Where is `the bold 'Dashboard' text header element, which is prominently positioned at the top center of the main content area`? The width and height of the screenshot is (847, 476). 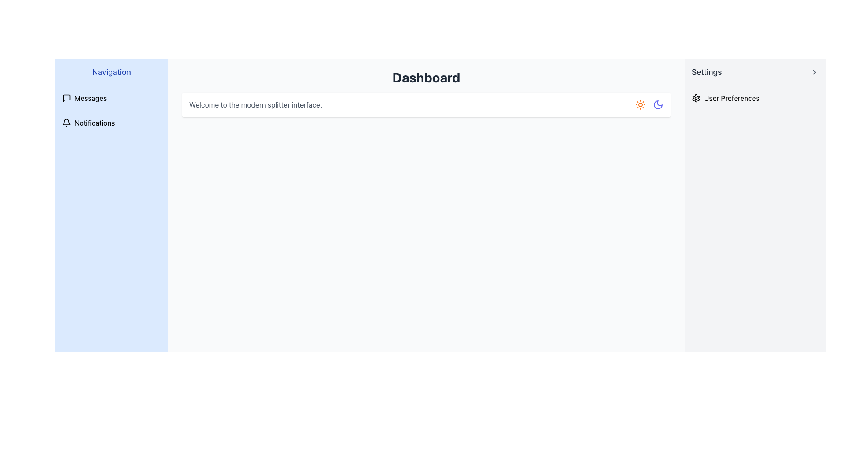
the bold 'Dashboard' text header element, which is prominently positioned at the top center of the main content area is located at coordinates (426, 77).